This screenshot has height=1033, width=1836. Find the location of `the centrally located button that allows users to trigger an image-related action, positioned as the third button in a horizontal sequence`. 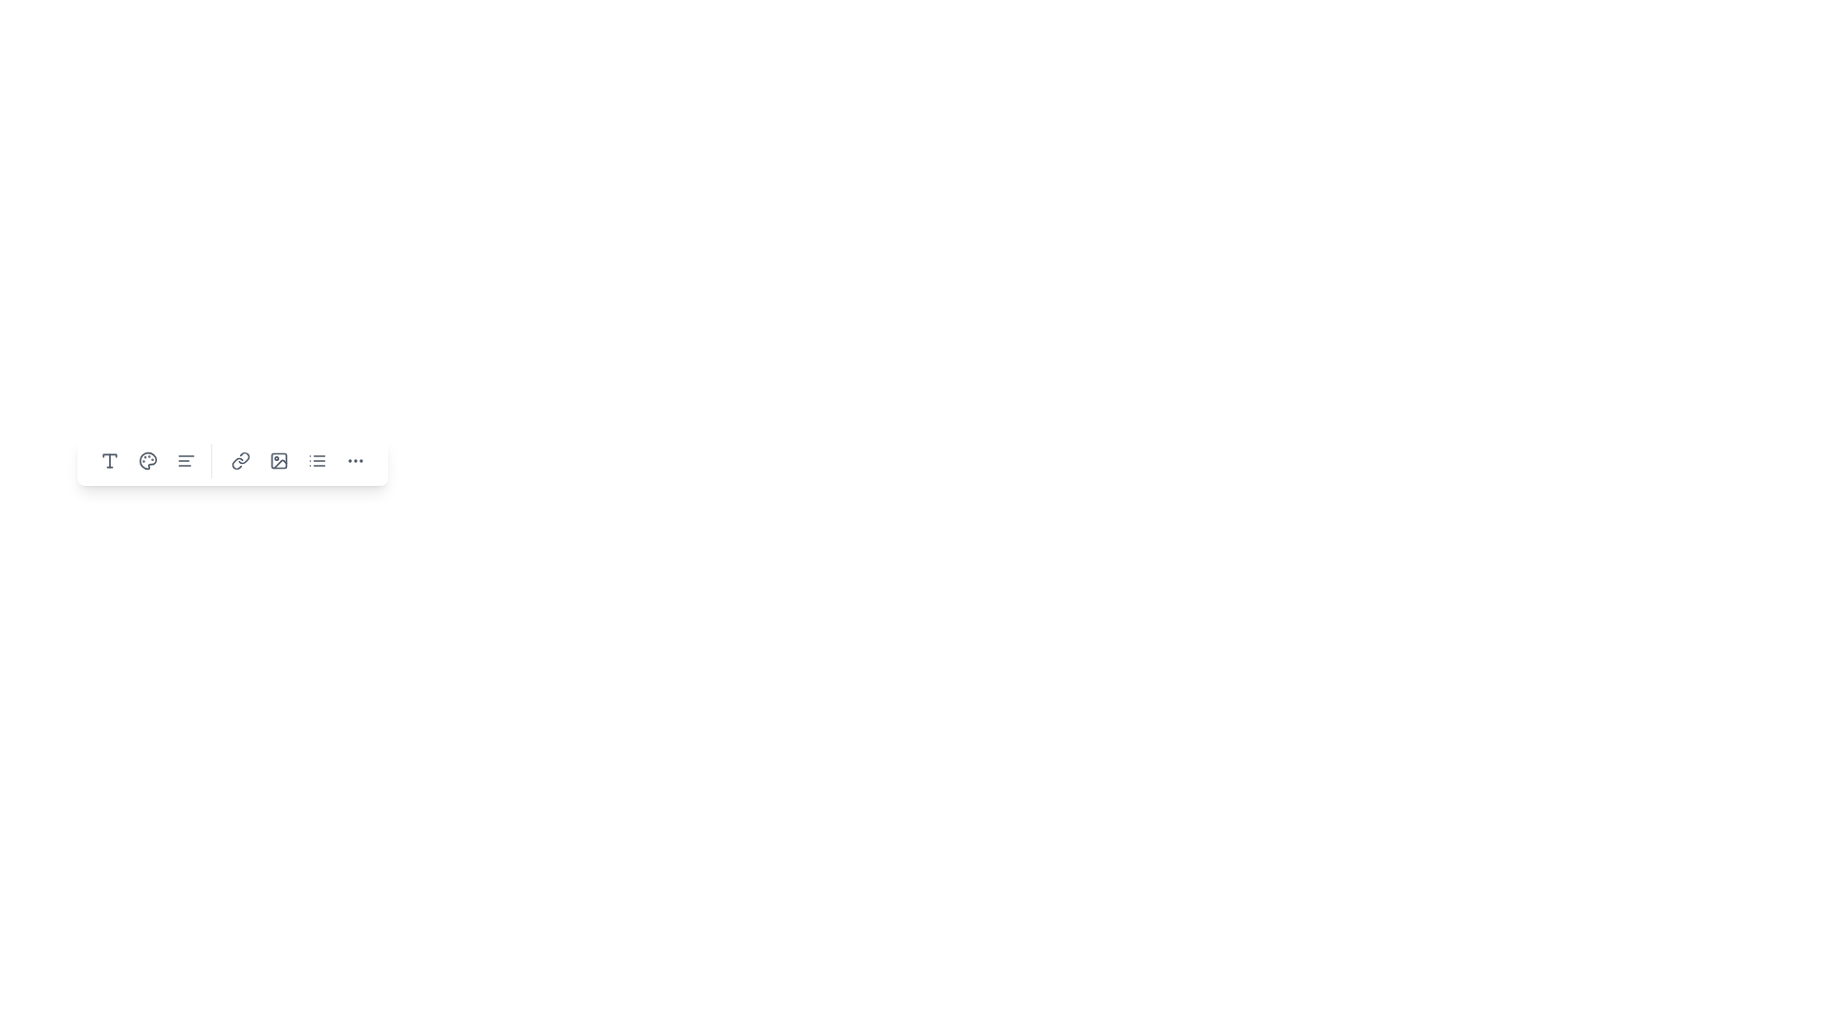

the centrally located button that allows users to trigger an image-related action, positioned as the third button in a horizontal sequence is located at coordinates (278, 461).